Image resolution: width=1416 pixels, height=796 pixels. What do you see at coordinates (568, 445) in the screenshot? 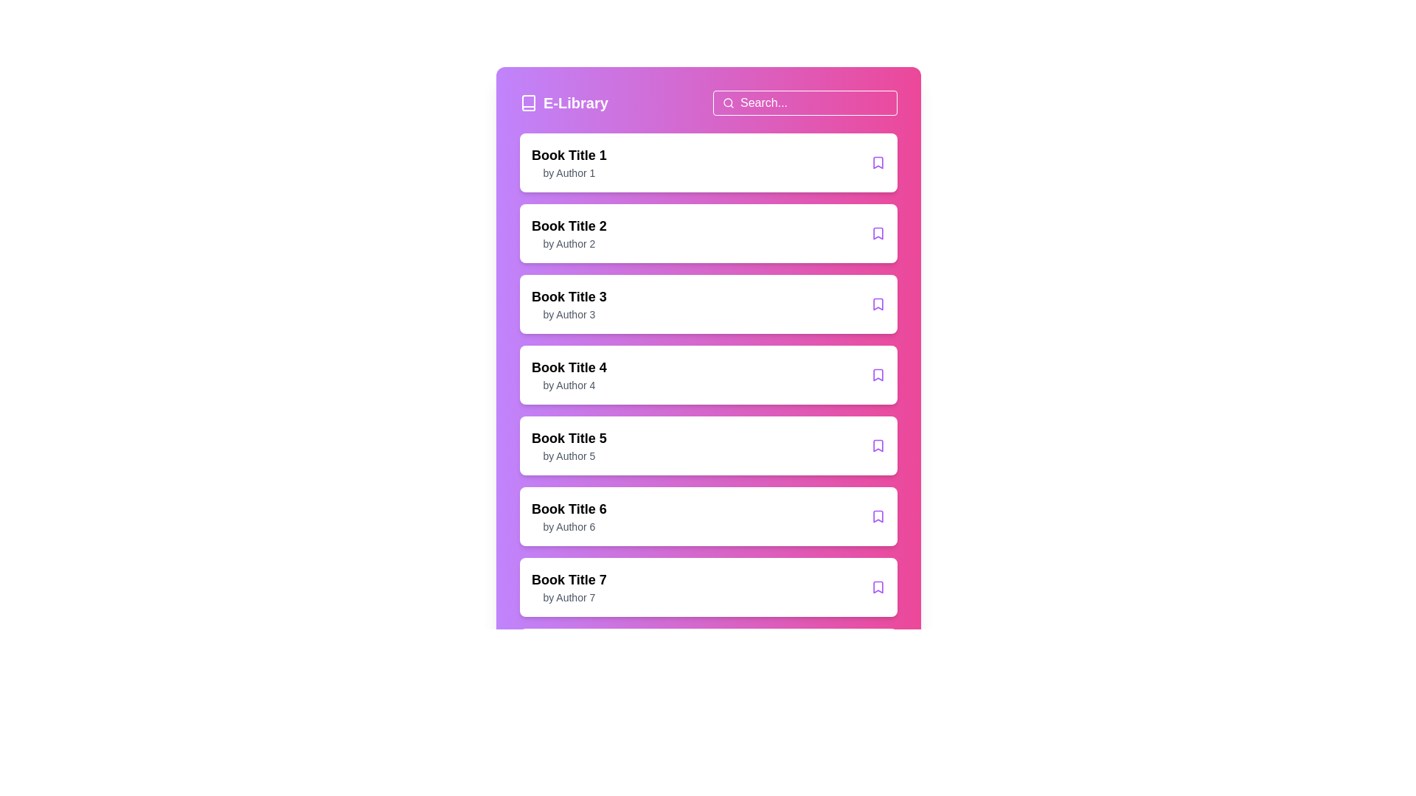
I see `the text block displaying 'Book Title 5' and 'by Author 5' inside the fifth white card in the vertical list, which is centrally aligned in the fifth row` at bounding box center [568, 445].